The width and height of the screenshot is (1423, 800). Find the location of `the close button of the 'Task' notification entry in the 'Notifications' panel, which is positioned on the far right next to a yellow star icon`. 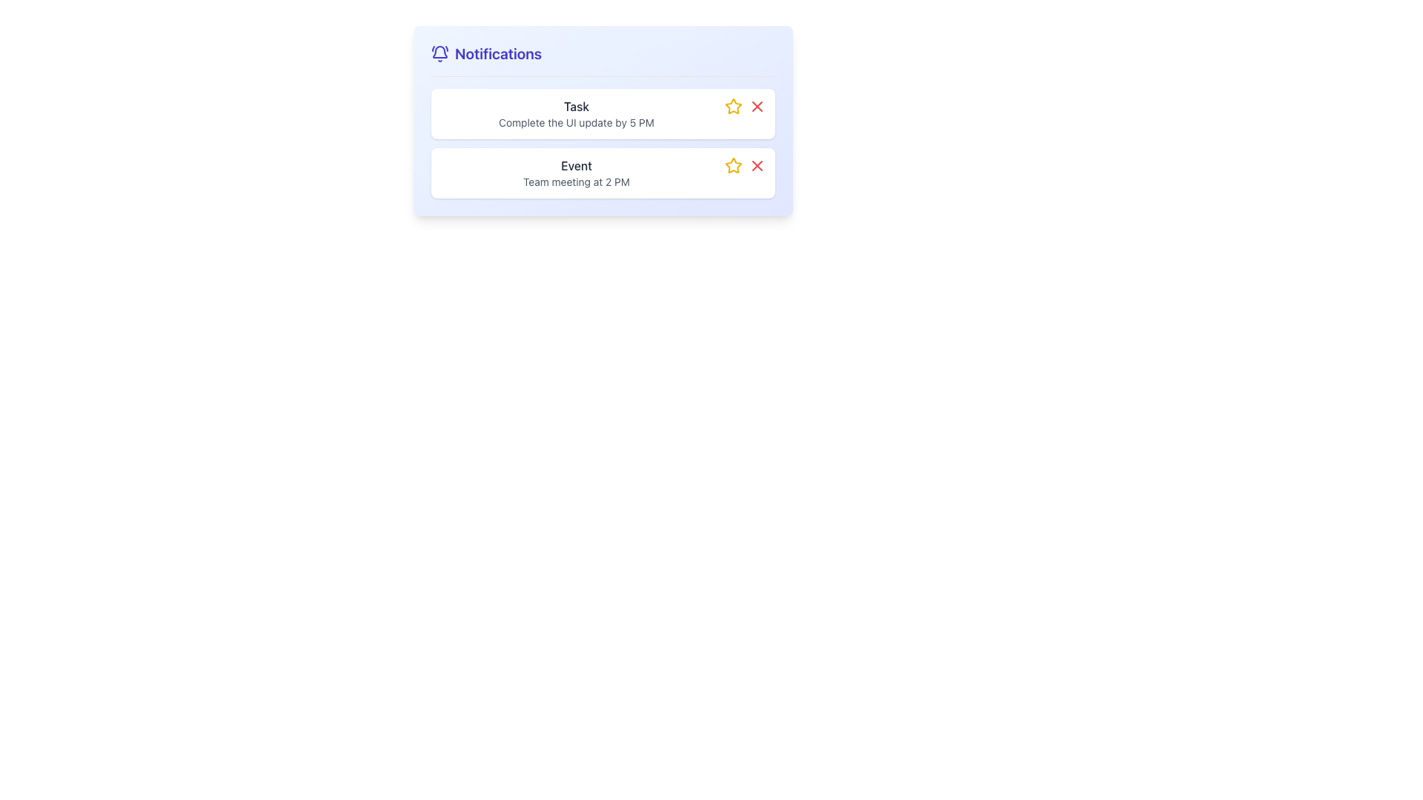

the close button of the 'Task' notification entry in the 'Notifications' panel, which is positioned on the far right next to a yellow star icon is located at coordinates (757, 105).